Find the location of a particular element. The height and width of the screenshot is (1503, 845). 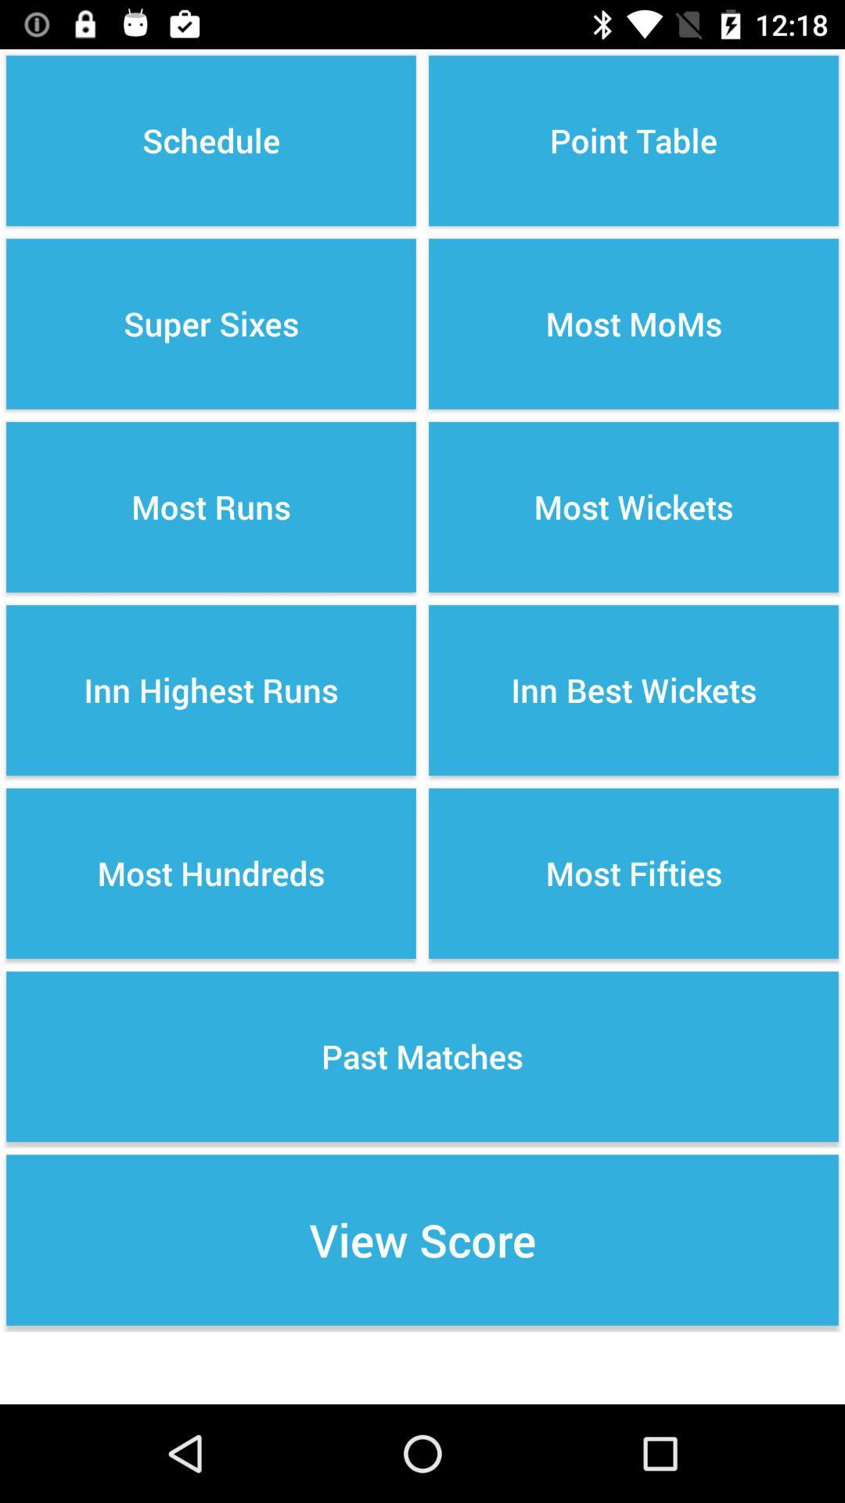

icon above the past matches is located at coordinates (634, 873).